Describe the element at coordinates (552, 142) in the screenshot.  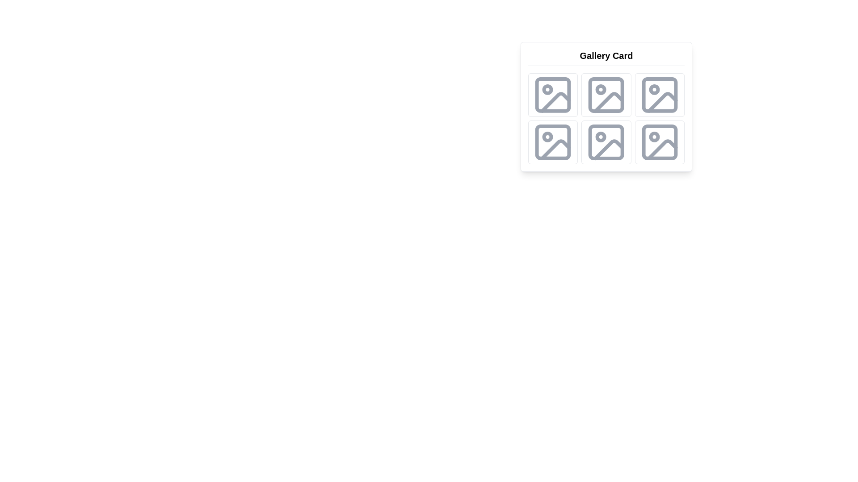
I see `the graphical placeholder icon located in the lower-left grid position of the second row of the gallery layout` at that location.